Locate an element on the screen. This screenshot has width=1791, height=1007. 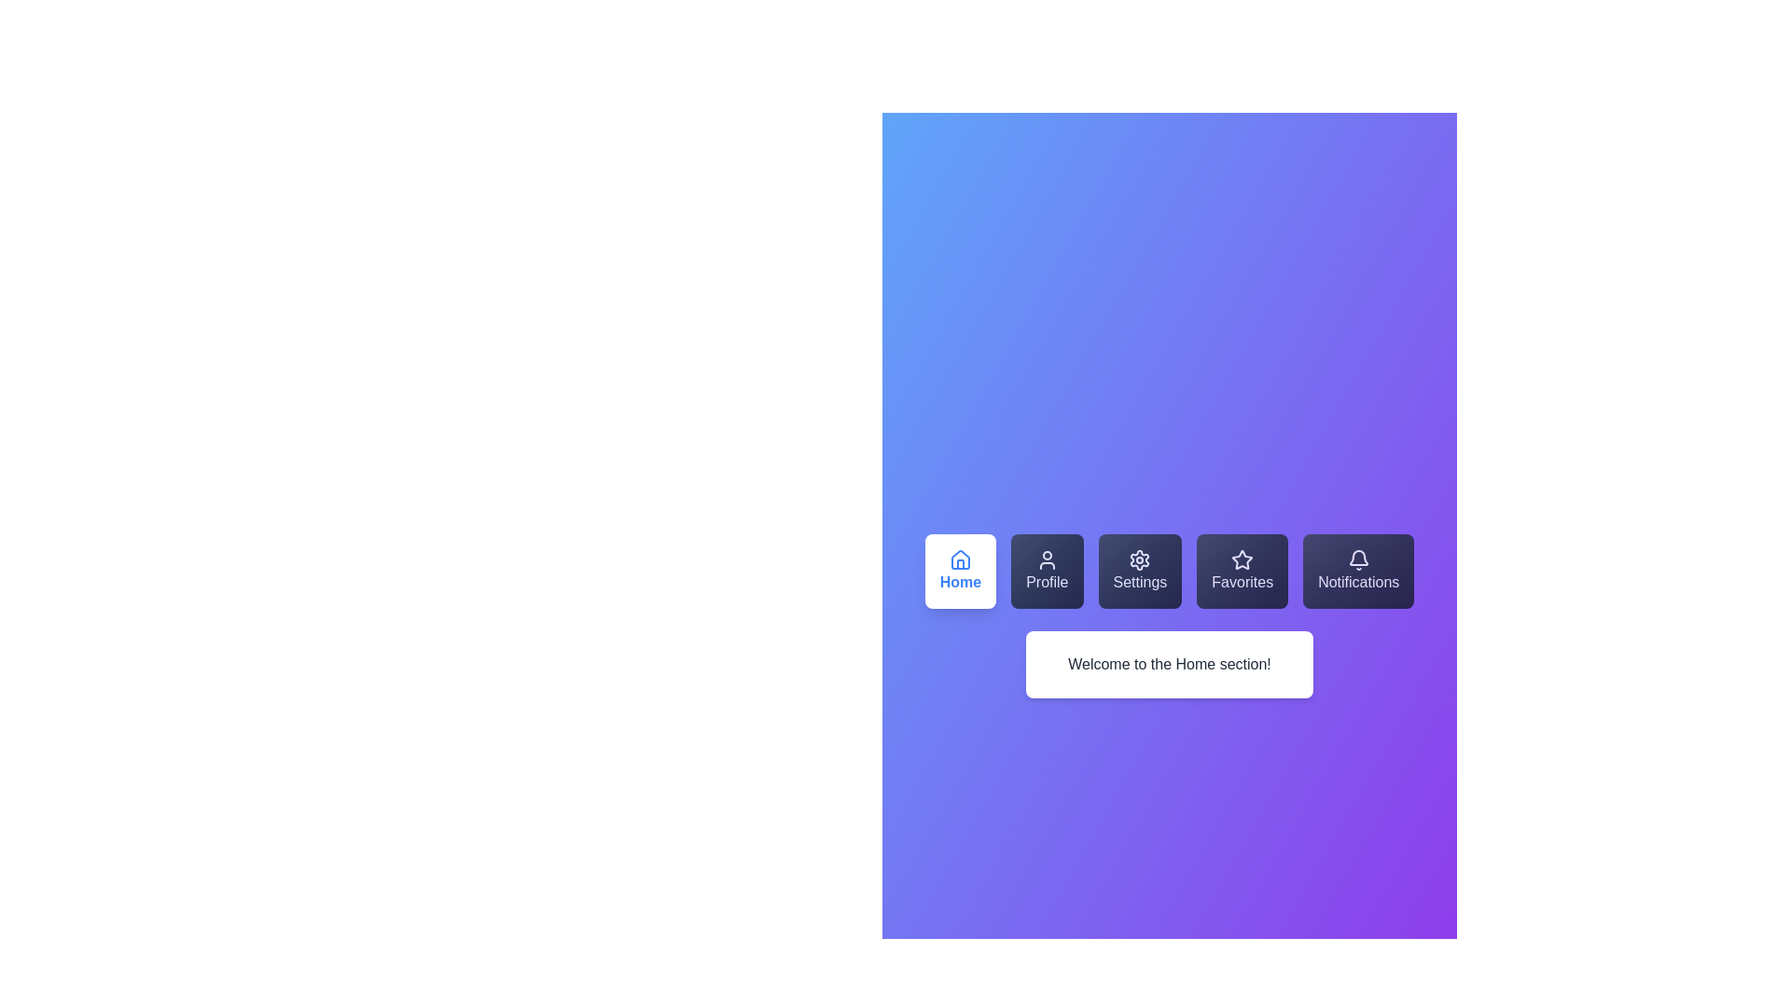
the 'Home' icon in the navigation bar located at the leftmost position of the horizontal navigation bar at the bottom of the interface is located at coordinates (960, 559).